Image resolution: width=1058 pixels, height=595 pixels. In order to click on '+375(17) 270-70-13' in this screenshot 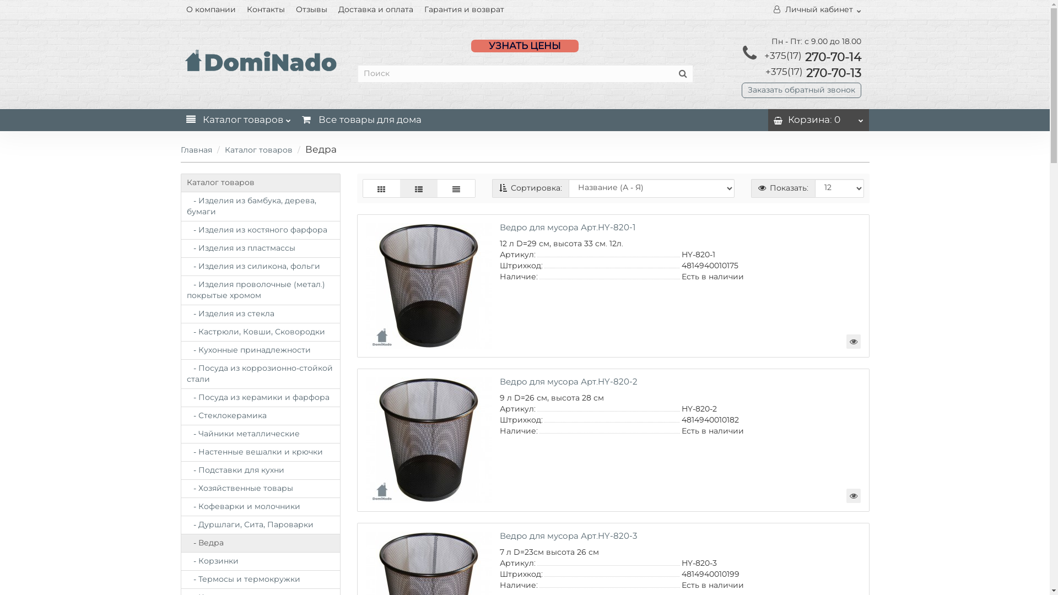, I will do `click(812, 73)`.